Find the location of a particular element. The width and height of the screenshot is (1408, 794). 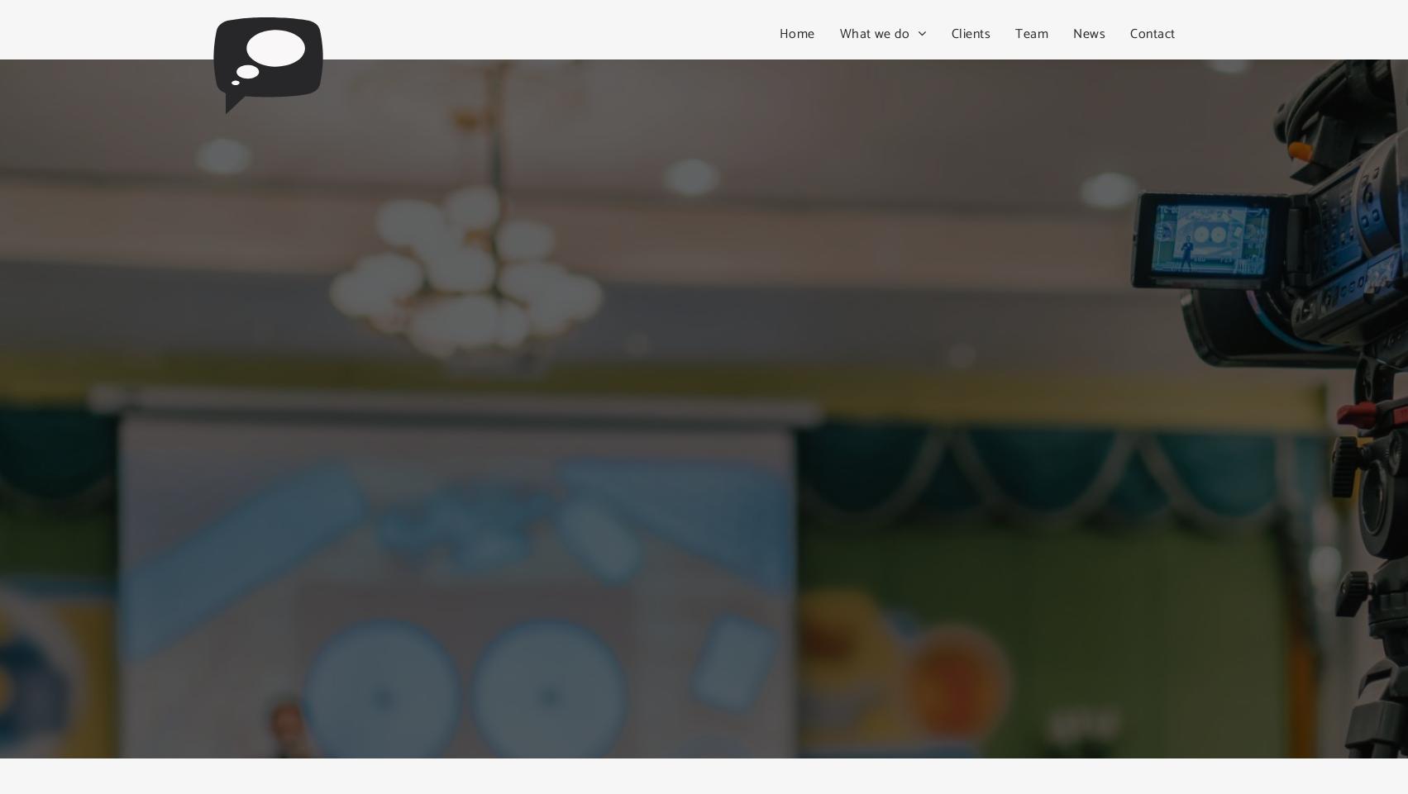

'Live Streaming' is located at coordinates (894, 112).